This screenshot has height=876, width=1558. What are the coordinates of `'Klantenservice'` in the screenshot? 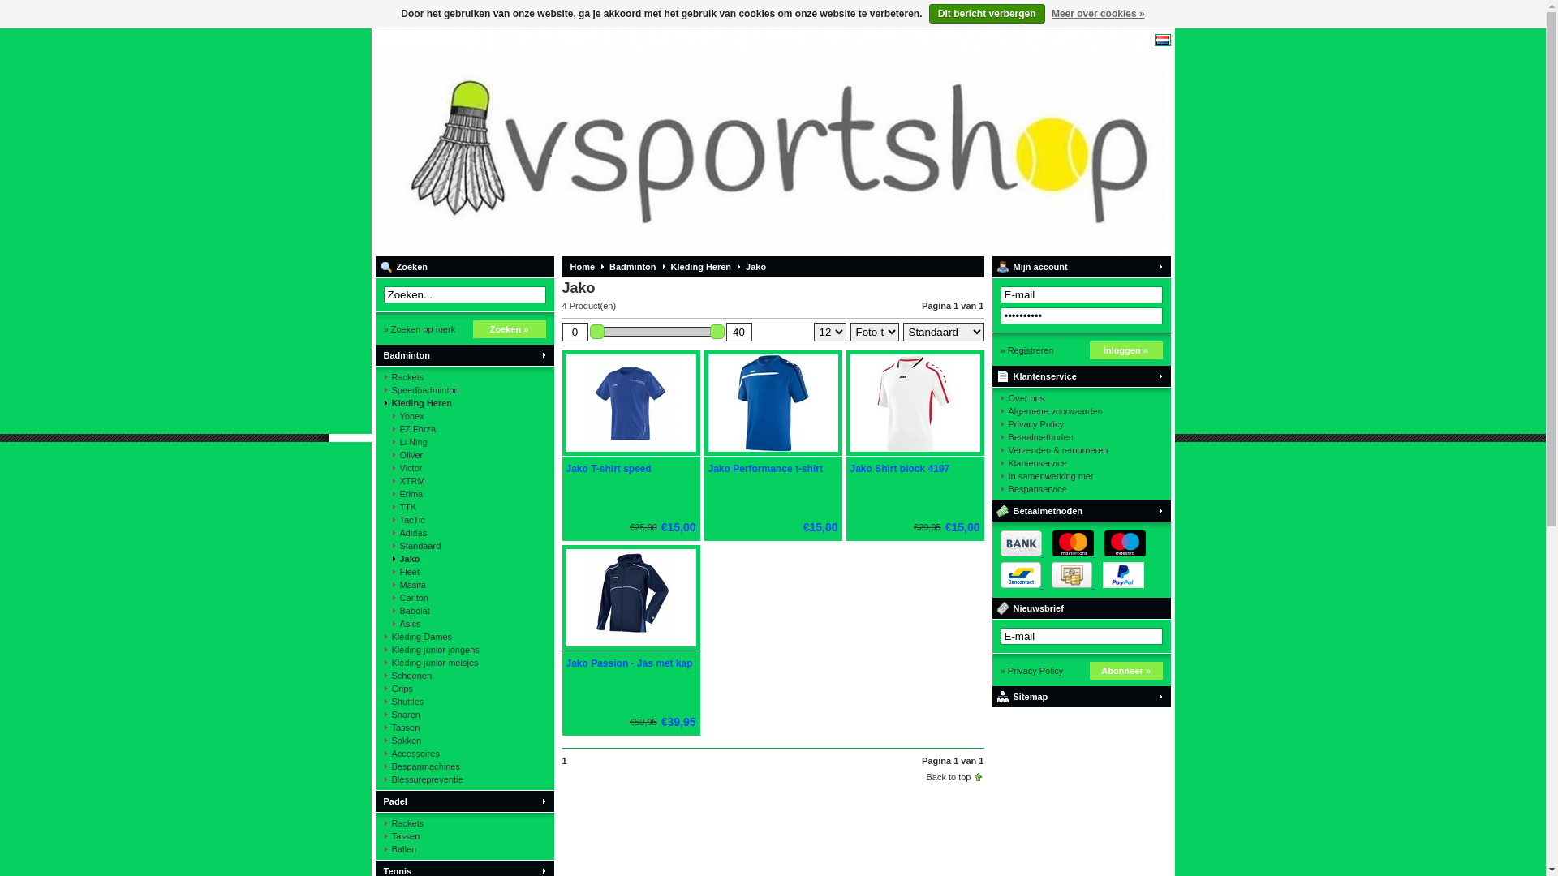 It's located at (1081, 462).